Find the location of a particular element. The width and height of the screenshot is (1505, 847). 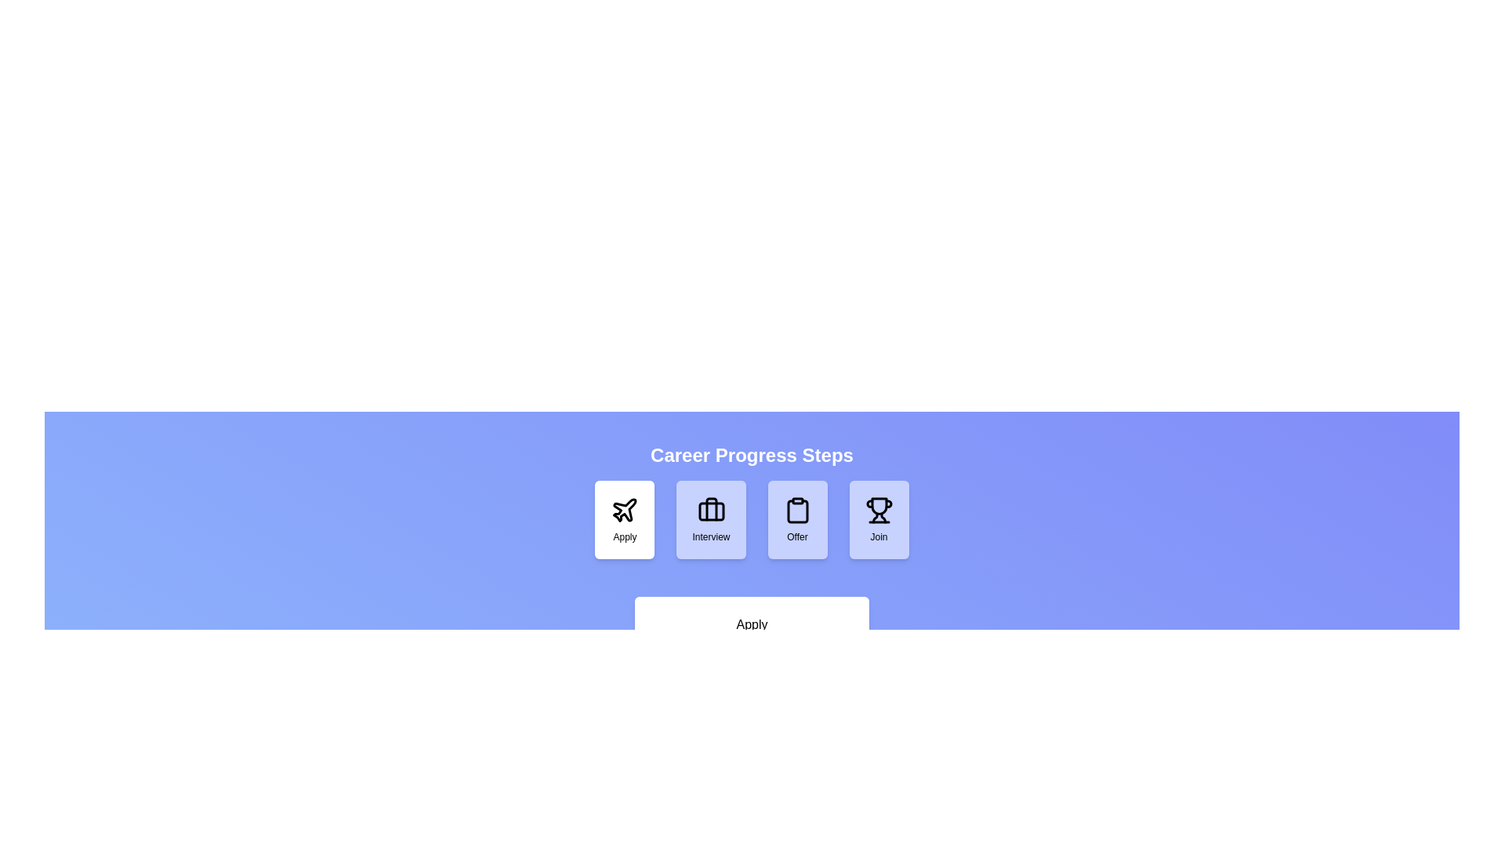

the icon corresponding to the career step Apply is located at coordinates (624, 520).